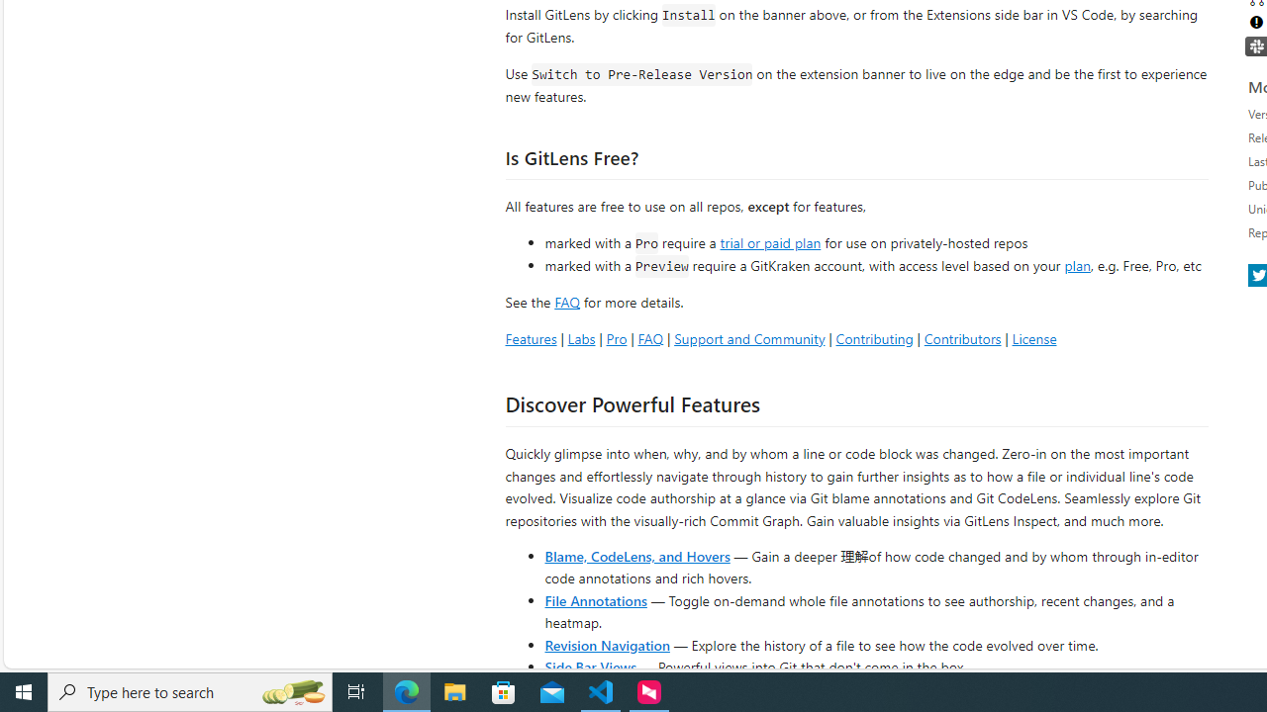 Image resolution: width=1267 pixels, height=712 pixels. What do you see at coordinates (615, 337) in the screenshot?
I see `'Pro'` at bounding box center [615, 337].